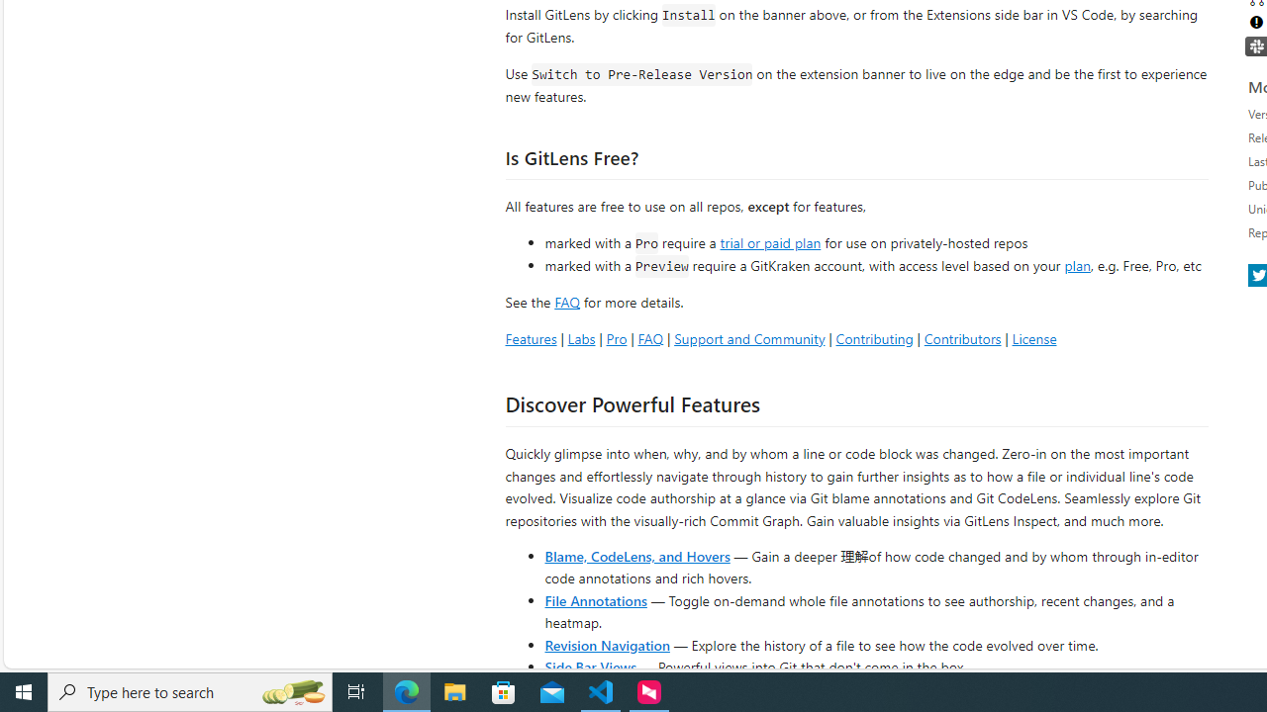 Image resolution: width=1267 pixels, height=712 pixels. What do you see at coordinates (615, 337) in the screenshot?
I see `'Pro'` at bounding box center [615, 337].